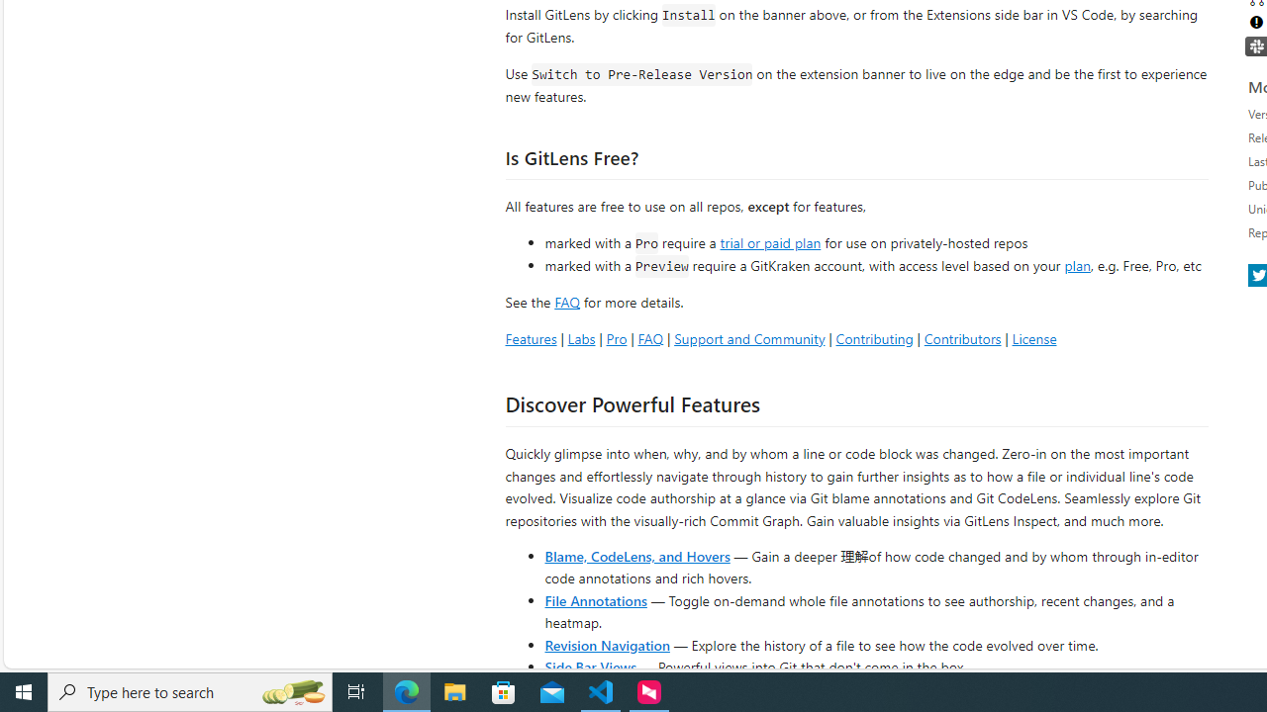 Image resolution: width=1267 pixels, height=712 pixels. What do you see at coordinates (615, 337) in the screenshot?
I see `'Pro'` at bounding box center [615, 337].